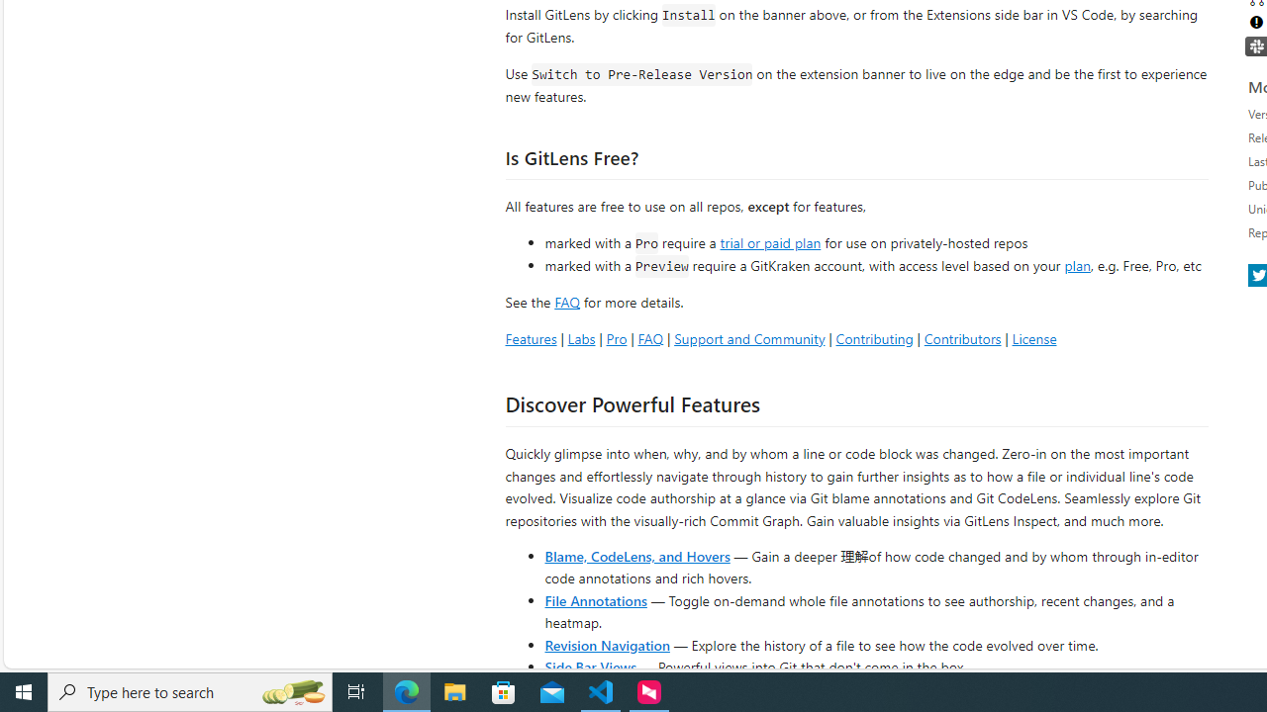 Image resolution: width=1267 pixels, height=712 pixels. What do you see at coordinates (615, 337) in the screenshot?
I see `'Pro'` at bounding box center [615, 337].